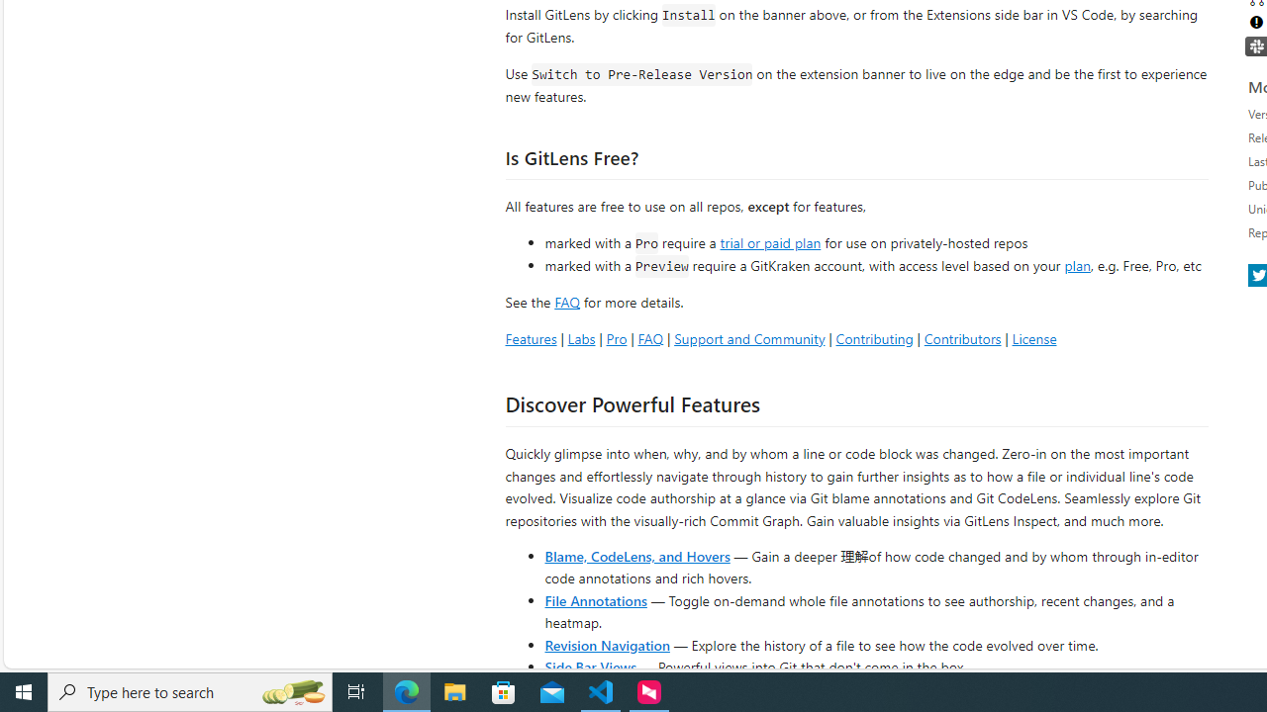 Image resolution: width=1267 pixels, height=712 pixels. What do you see at coordinates (615, 337) in the screenshot?
I see `'Pro'` at bounding box center [615, 337].